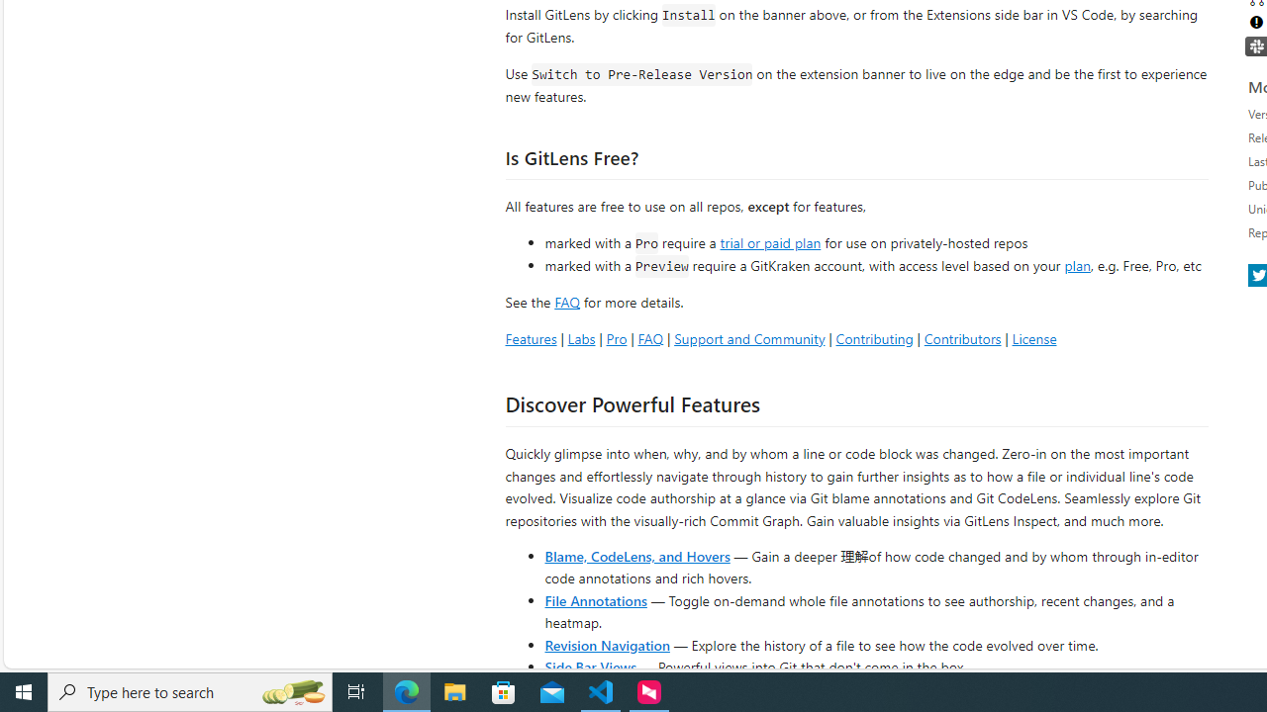 Image resolution: width=1267 pixels, height=712 pixels. What do you see at coordinates (615, 337) in the screenshot?
I see `'Pro'` at bounding box center [615, 337].